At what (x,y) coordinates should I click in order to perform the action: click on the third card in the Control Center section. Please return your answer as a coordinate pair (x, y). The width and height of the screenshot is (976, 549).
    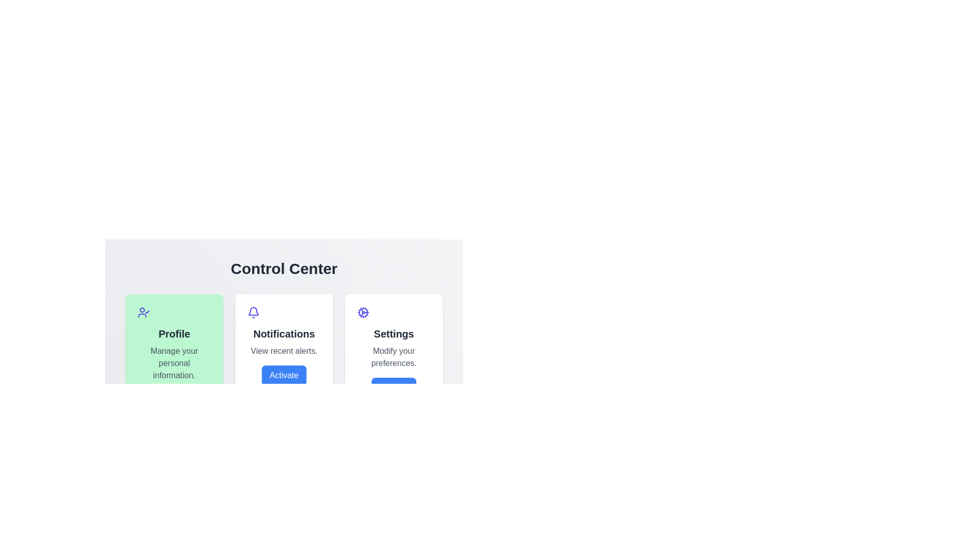
    Looking at the image, I should click on (393, 358).